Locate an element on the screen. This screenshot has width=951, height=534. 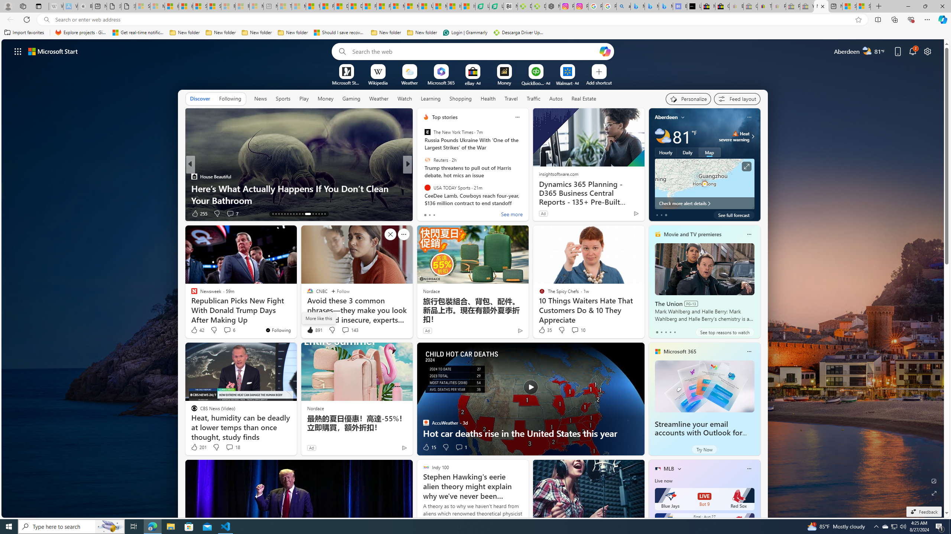
'View comments 18 Comment' is located at coordinates (232, 447).